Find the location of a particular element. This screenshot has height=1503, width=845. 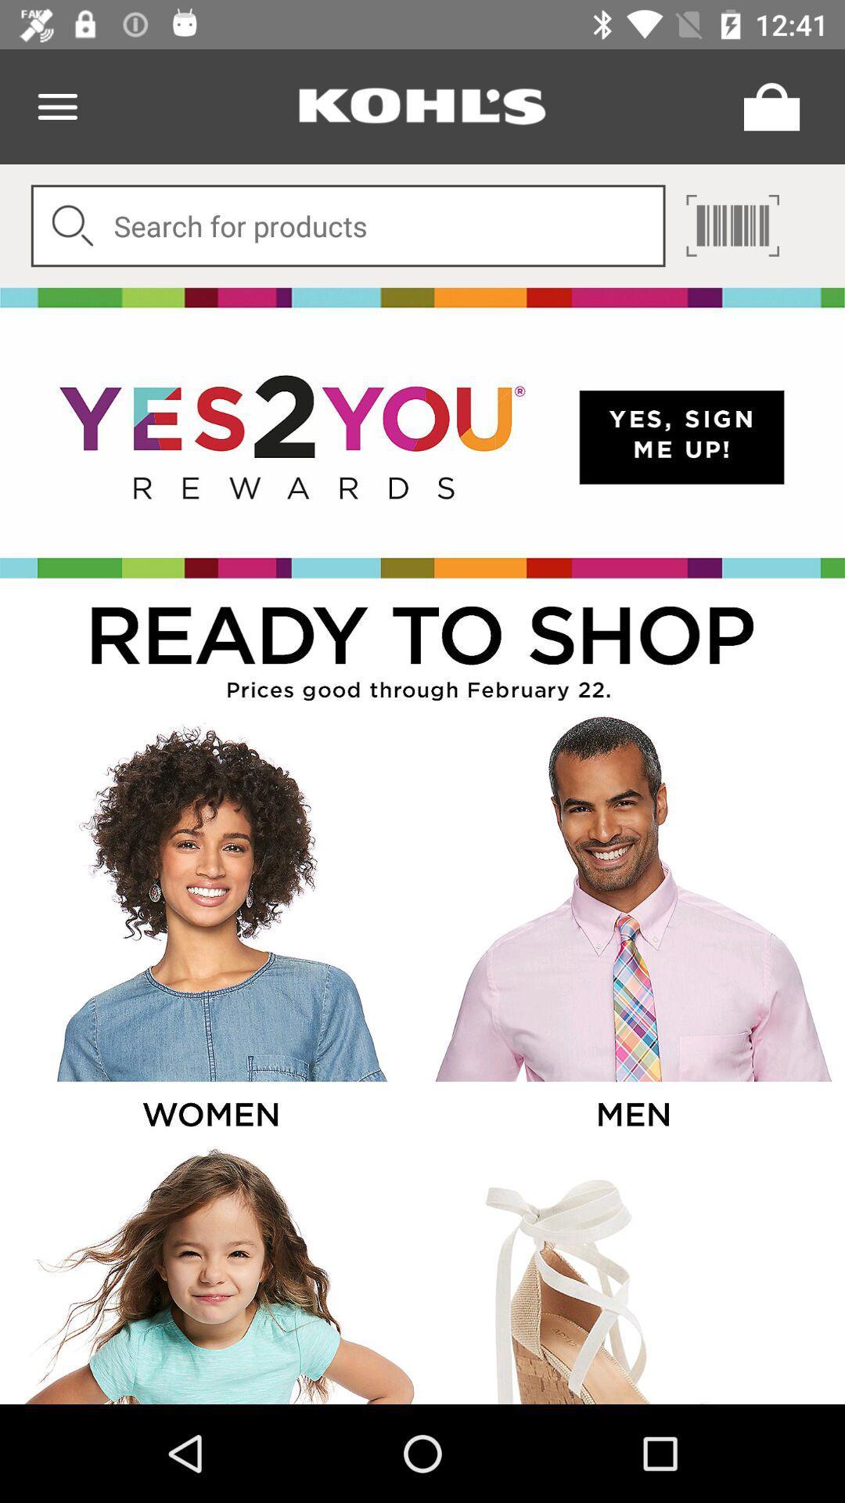

menu page is located at coordinates (767, 106).